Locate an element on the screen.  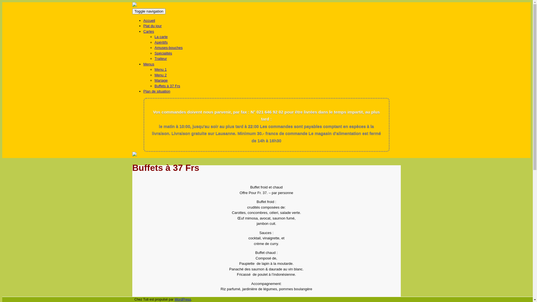
'WordPress' is located at coordinates (174, 299).